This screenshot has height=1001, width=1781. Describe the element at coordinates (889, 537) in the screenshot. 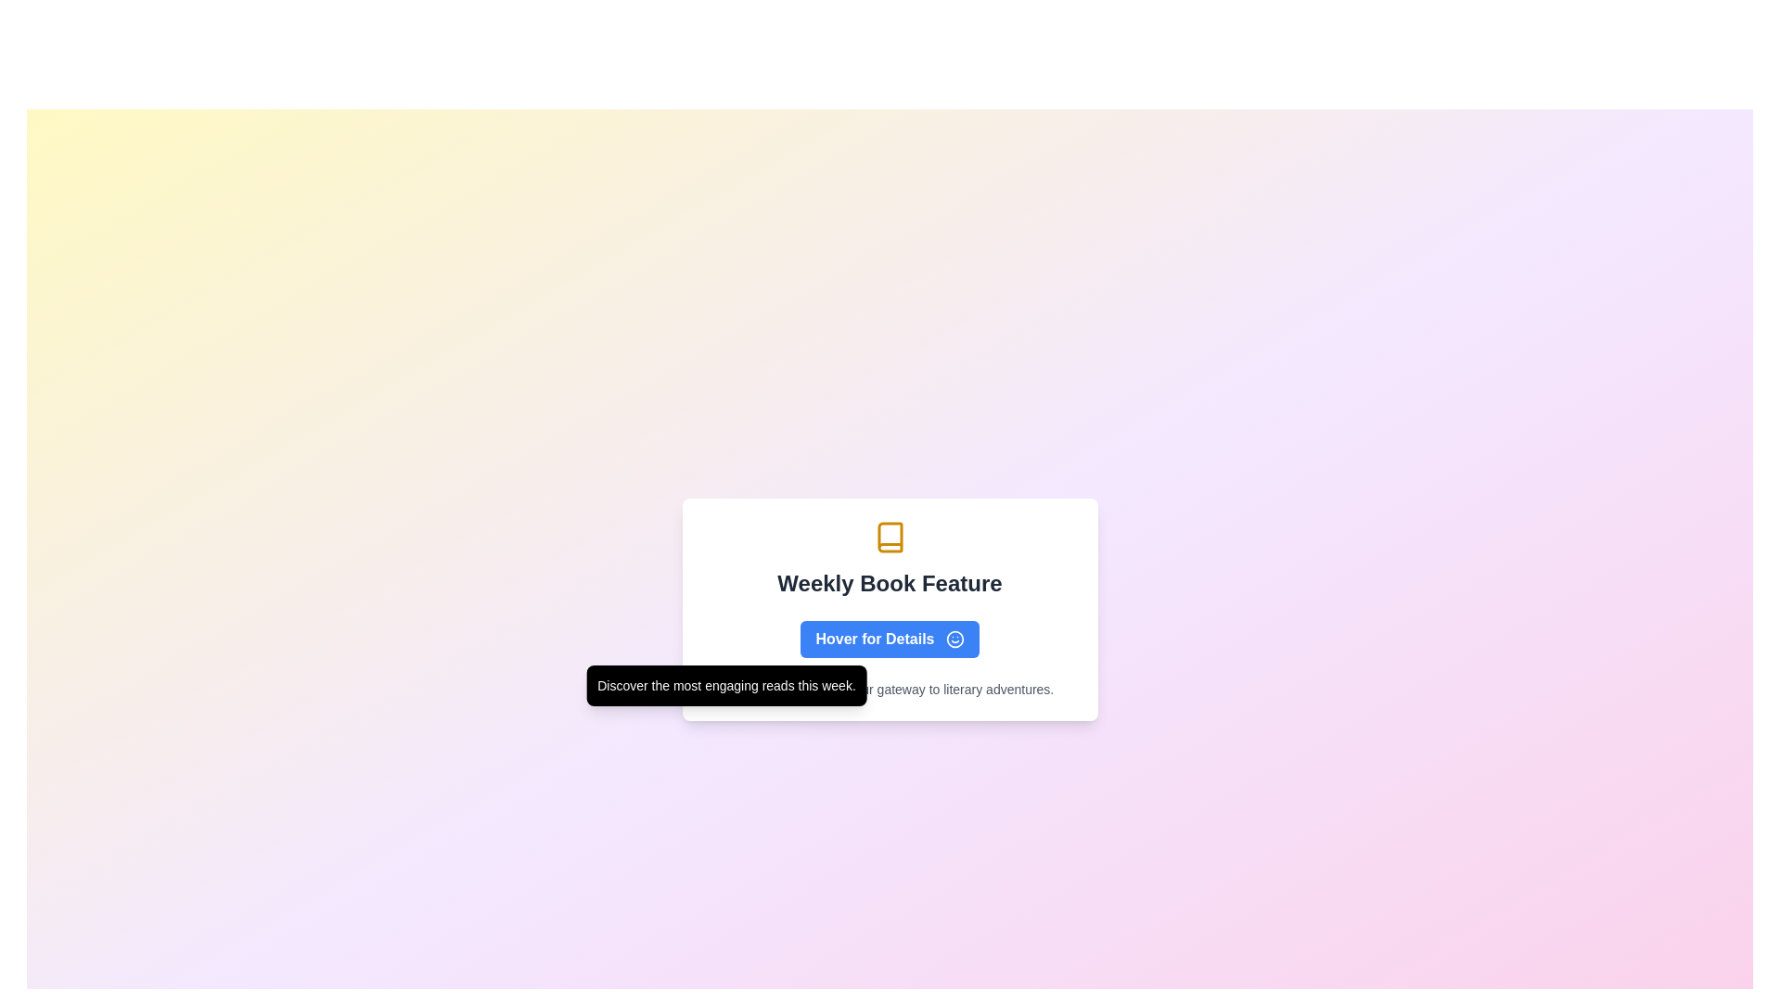

I see `the book icon located at the top-center of the 'Weekly Book Feature' section` at that location.